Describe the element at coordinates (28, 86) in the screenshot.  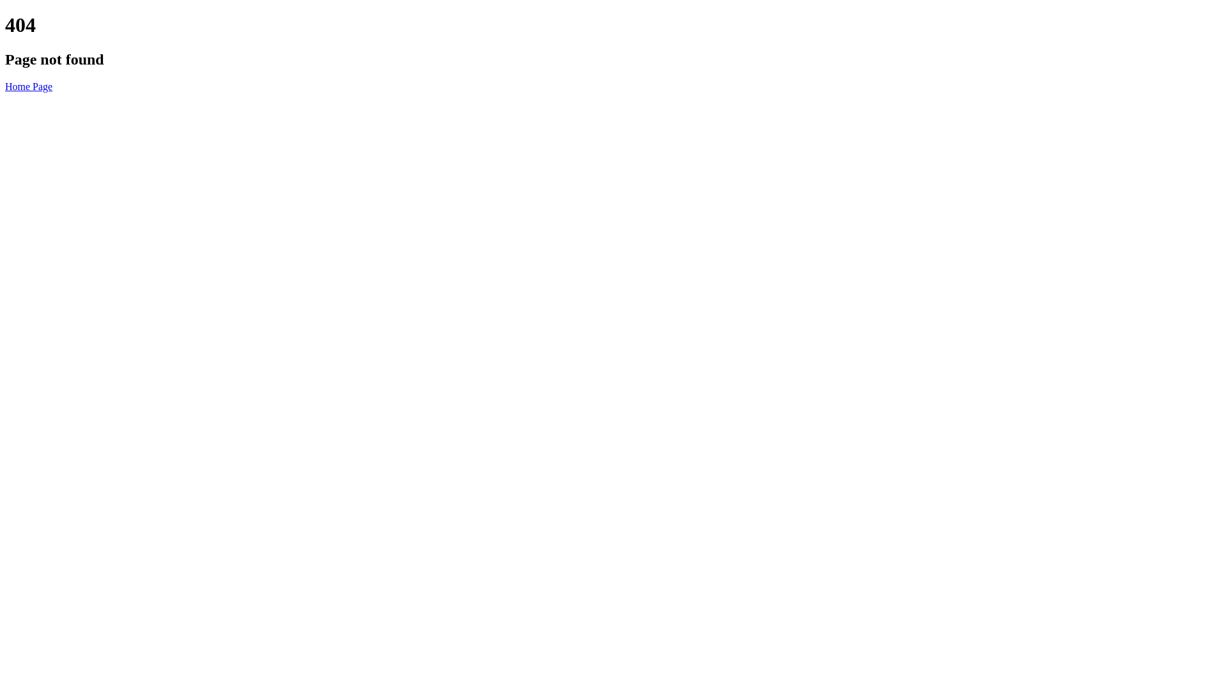
I see `'Home Page'` at that location.